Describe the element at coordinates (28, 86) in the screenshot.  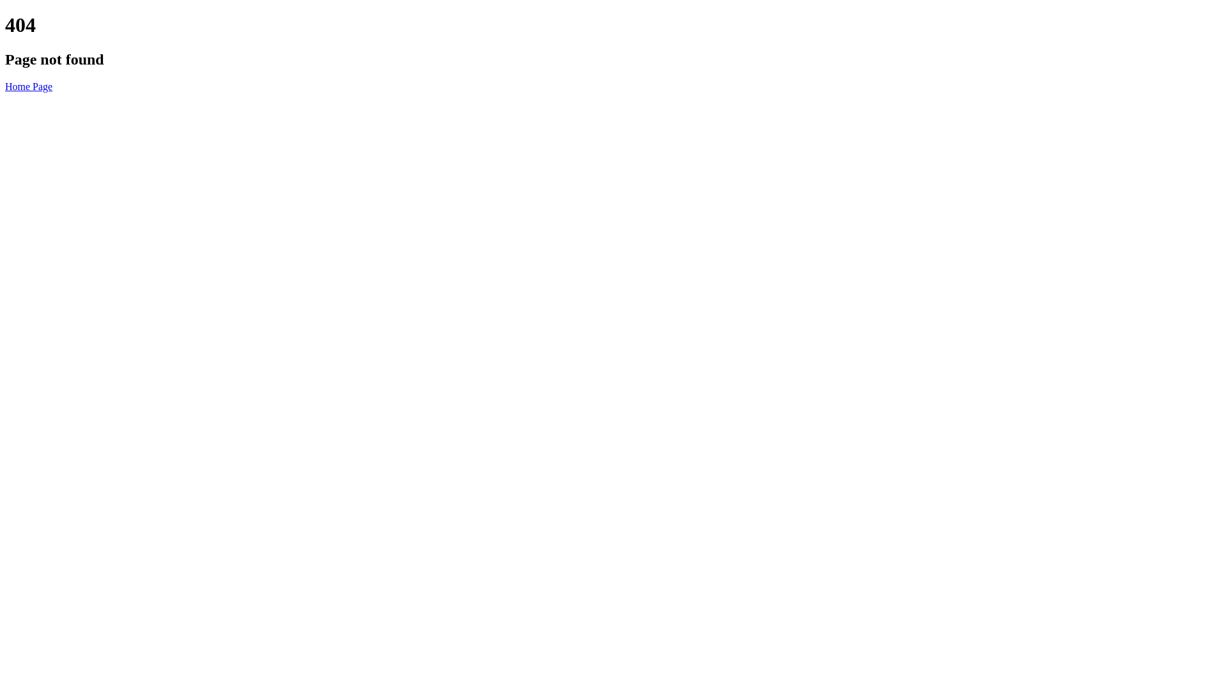
I see `'Home Page'` at that location.